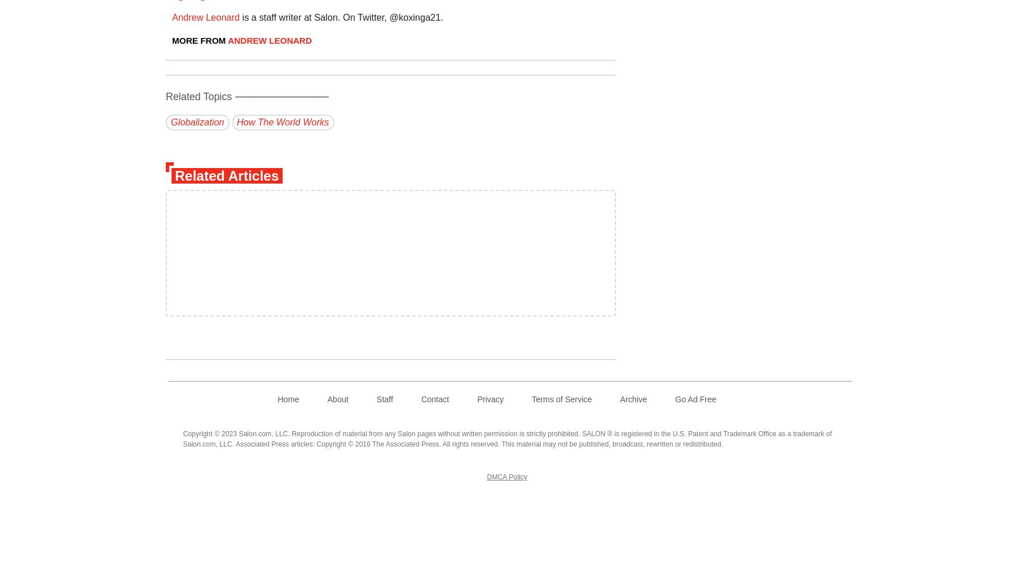 Image resolution: width=1020 pixels, height=568 pixels. I want to click on 'Home', so click(287, 398).